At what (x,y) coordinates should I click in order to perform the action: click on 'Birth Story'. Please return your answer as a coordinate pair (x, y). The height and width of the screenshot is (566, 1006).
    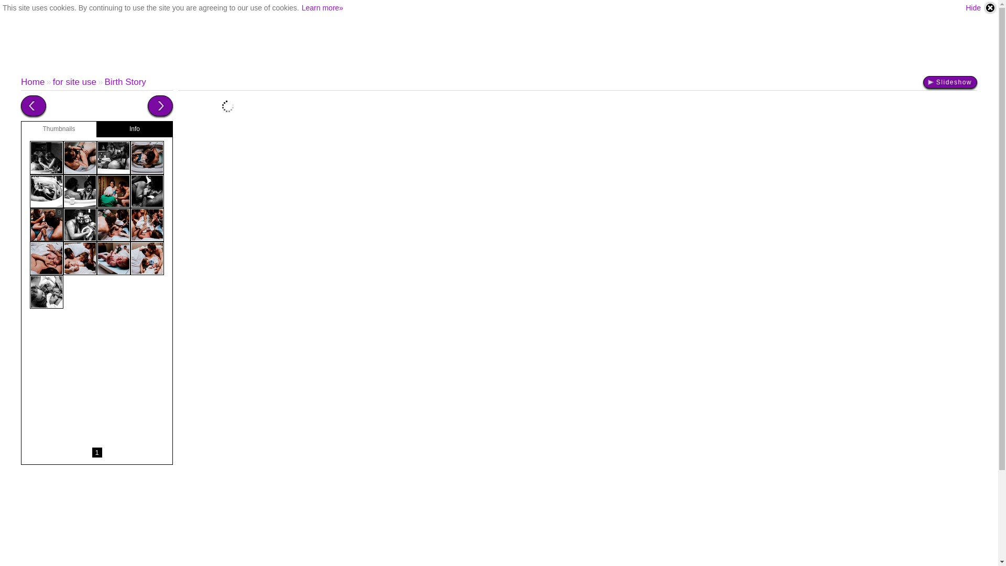
    Looking at the image, I should click on (125, 81).